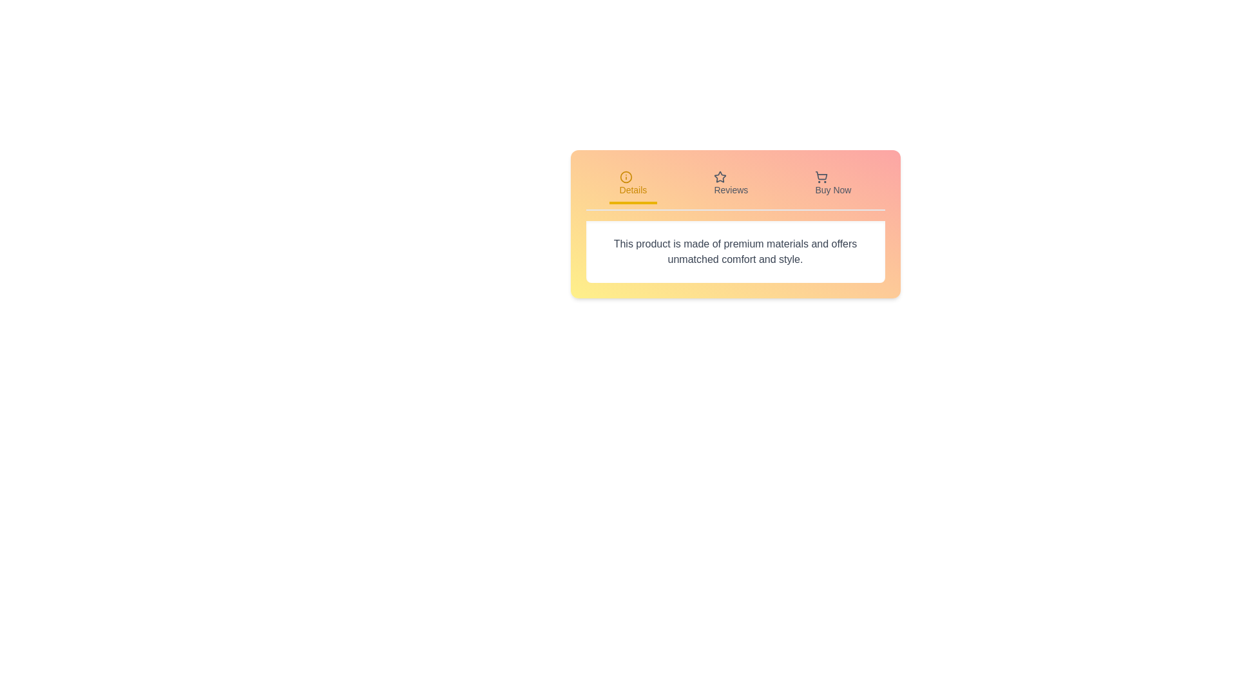 This screenshot has width=1237, height=696. What do you see at coordinates (731, 184) in the screenshot?
I see `the Reviews tab by clicking on it` at bounding box center [731, 184].